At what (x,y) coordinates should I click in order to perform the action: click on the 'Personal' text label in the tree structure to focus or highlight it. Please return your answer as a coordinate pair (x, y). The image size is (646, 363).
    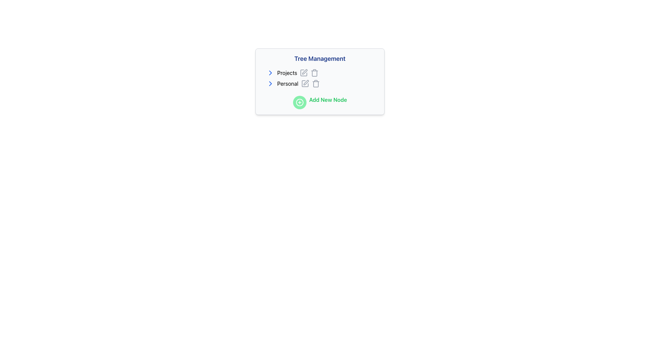
    Looking at the image, I should click on (288, 83).